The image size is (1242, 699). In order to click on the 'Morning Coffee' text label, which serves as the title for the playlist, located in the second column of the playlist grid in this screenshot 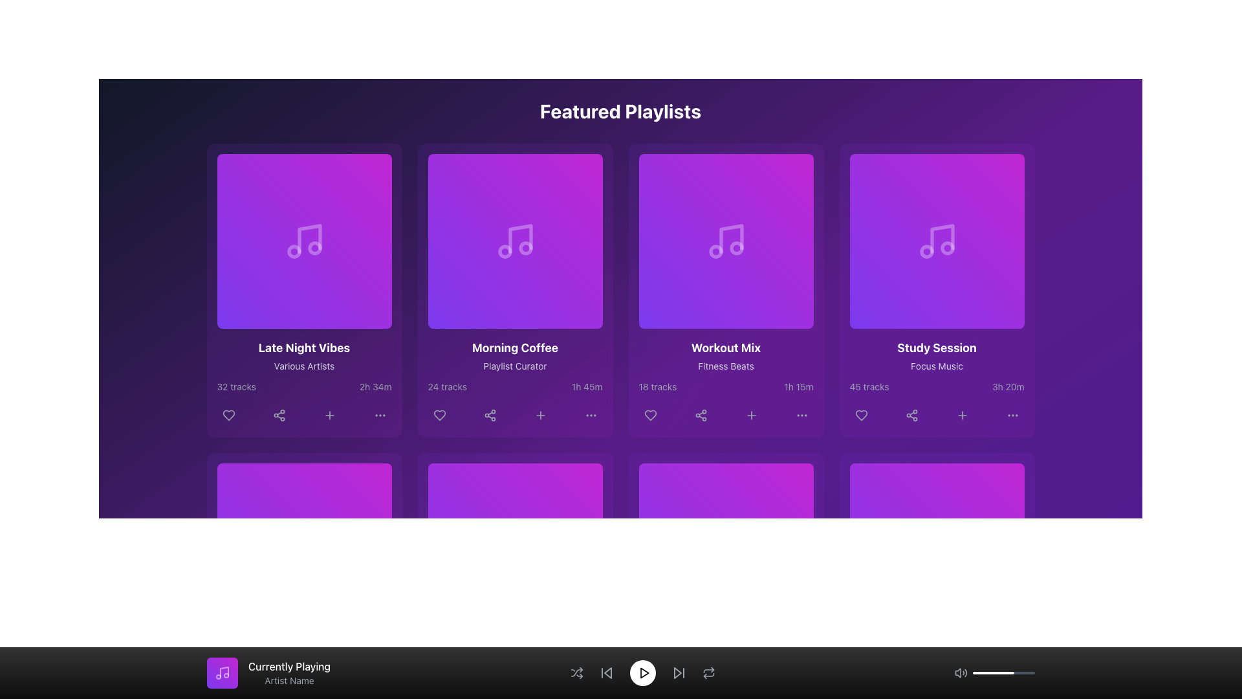, I will do `click(514, 347)`.